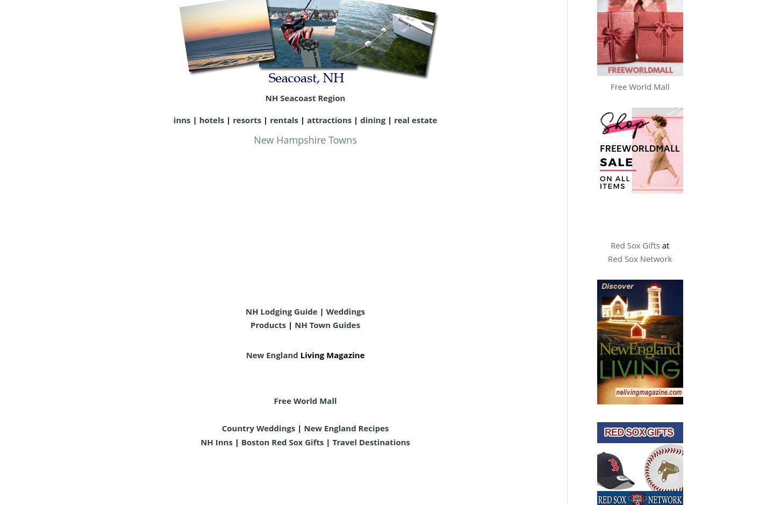 The image size is (774, 505). I want to click on 'NH Town Guides', so click(326, 324).